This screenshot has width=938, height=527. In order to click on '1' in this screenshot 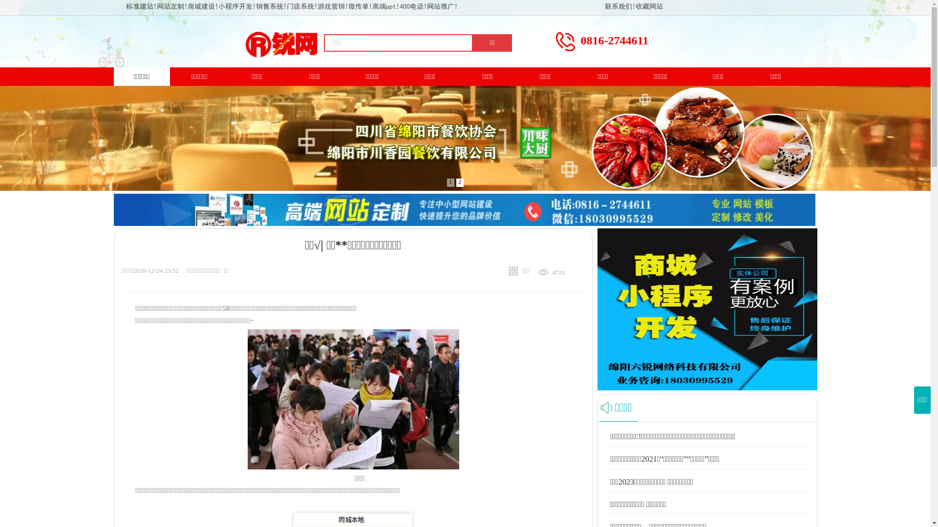, I will do `click(449, 182)`.